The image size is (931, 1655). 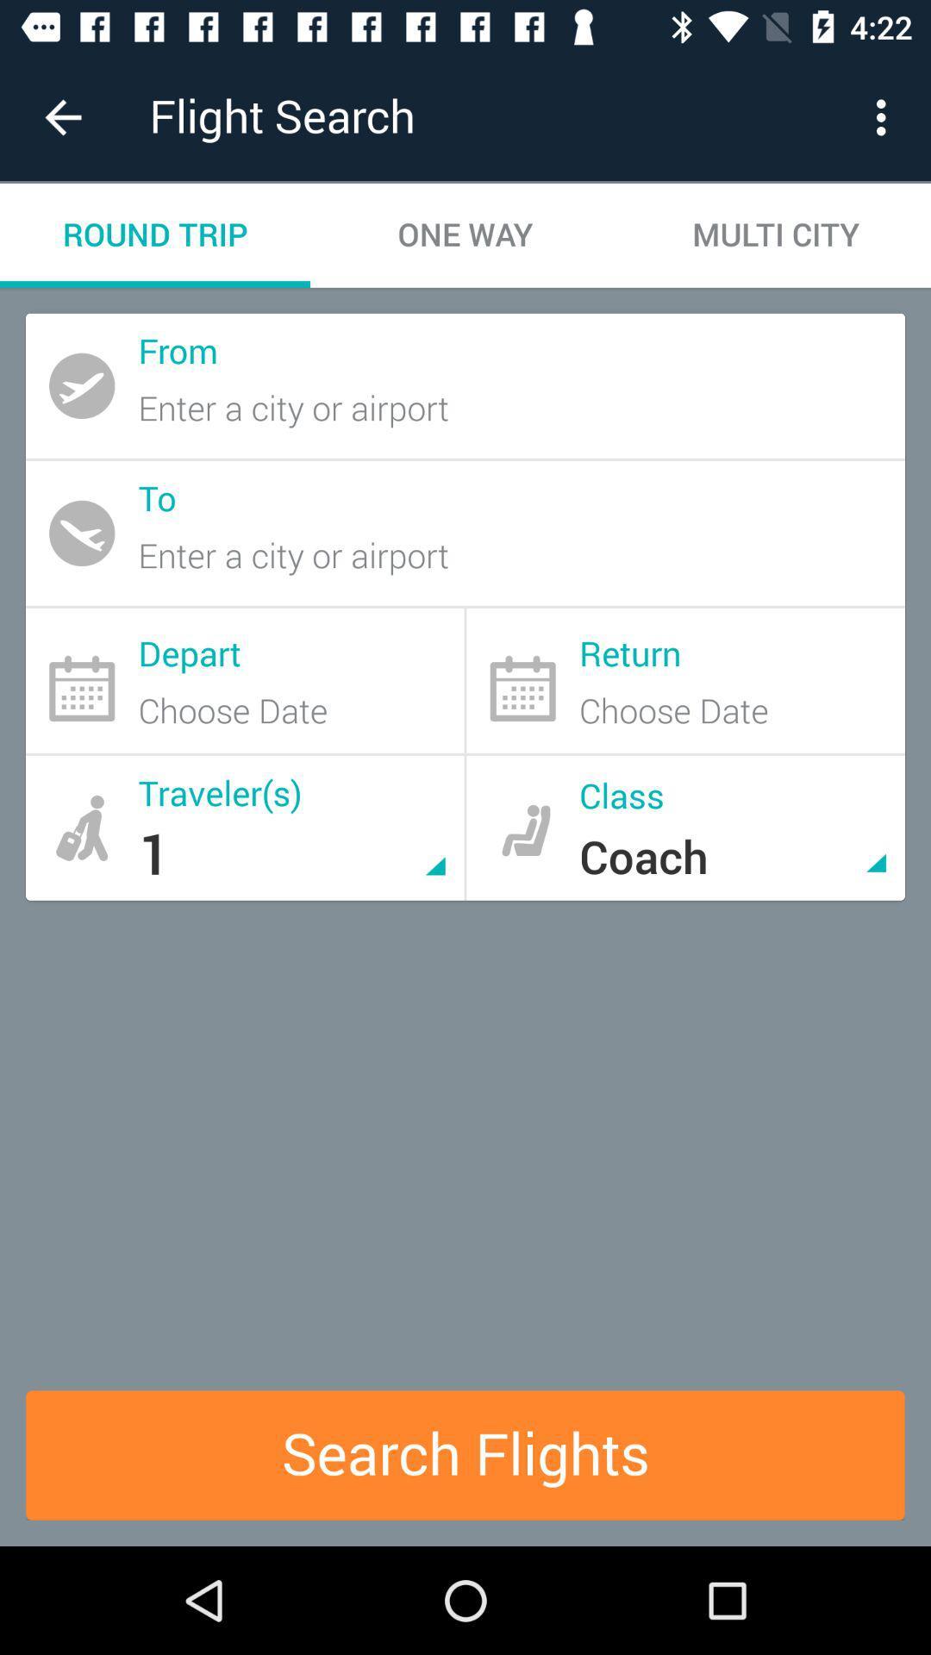 What do you see at coordinates (62, 116) in the screenshot?
I see `item to the left of flight search icon` at bounding box center [62, 116].